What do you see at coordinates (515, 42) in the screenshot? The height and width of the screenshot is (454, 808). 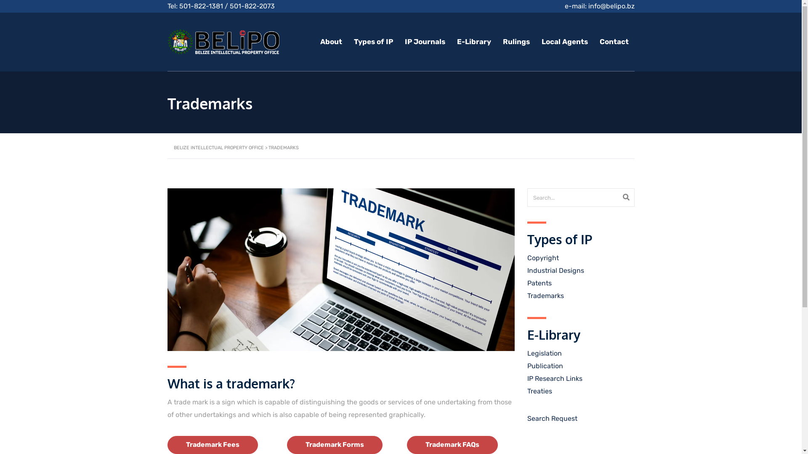 I see `'Rulings'` at bounding box center [515, 42].